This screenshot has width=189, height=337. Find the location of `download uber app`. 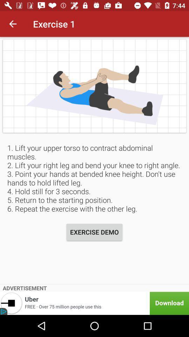

download uber app is located at coordinates (94, 303).